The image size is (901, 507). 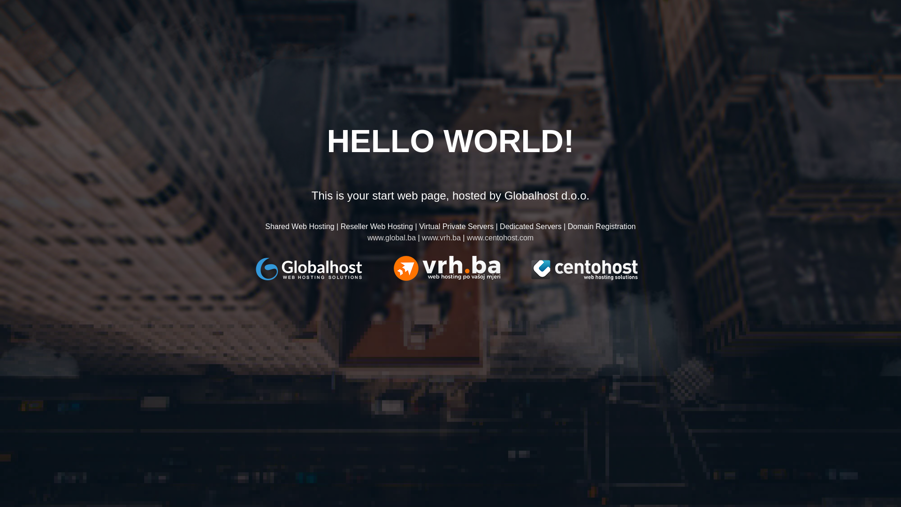 What do you see at coordinates (499, 237) in the screenshot?
I see `'www.centohost.com'` at bounding box center [499, 237].